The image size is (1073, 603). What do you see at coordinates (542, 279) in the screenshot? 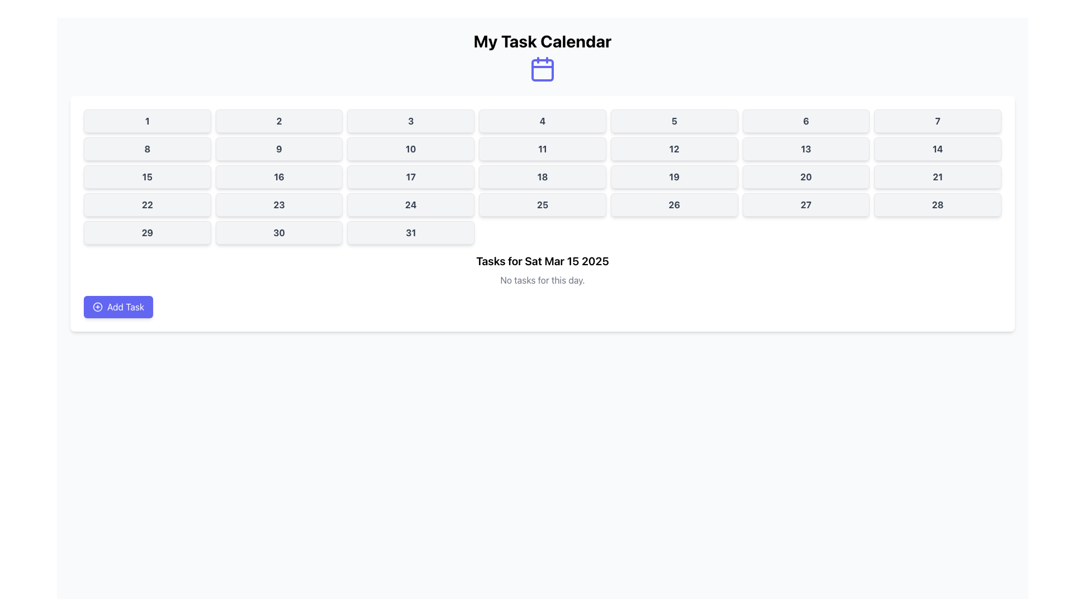
I see `the static text displaying 'No tasks for this day.' located under the header 'Tasks for Sat Mar 15 2025'` at bounding box center [542, 279].